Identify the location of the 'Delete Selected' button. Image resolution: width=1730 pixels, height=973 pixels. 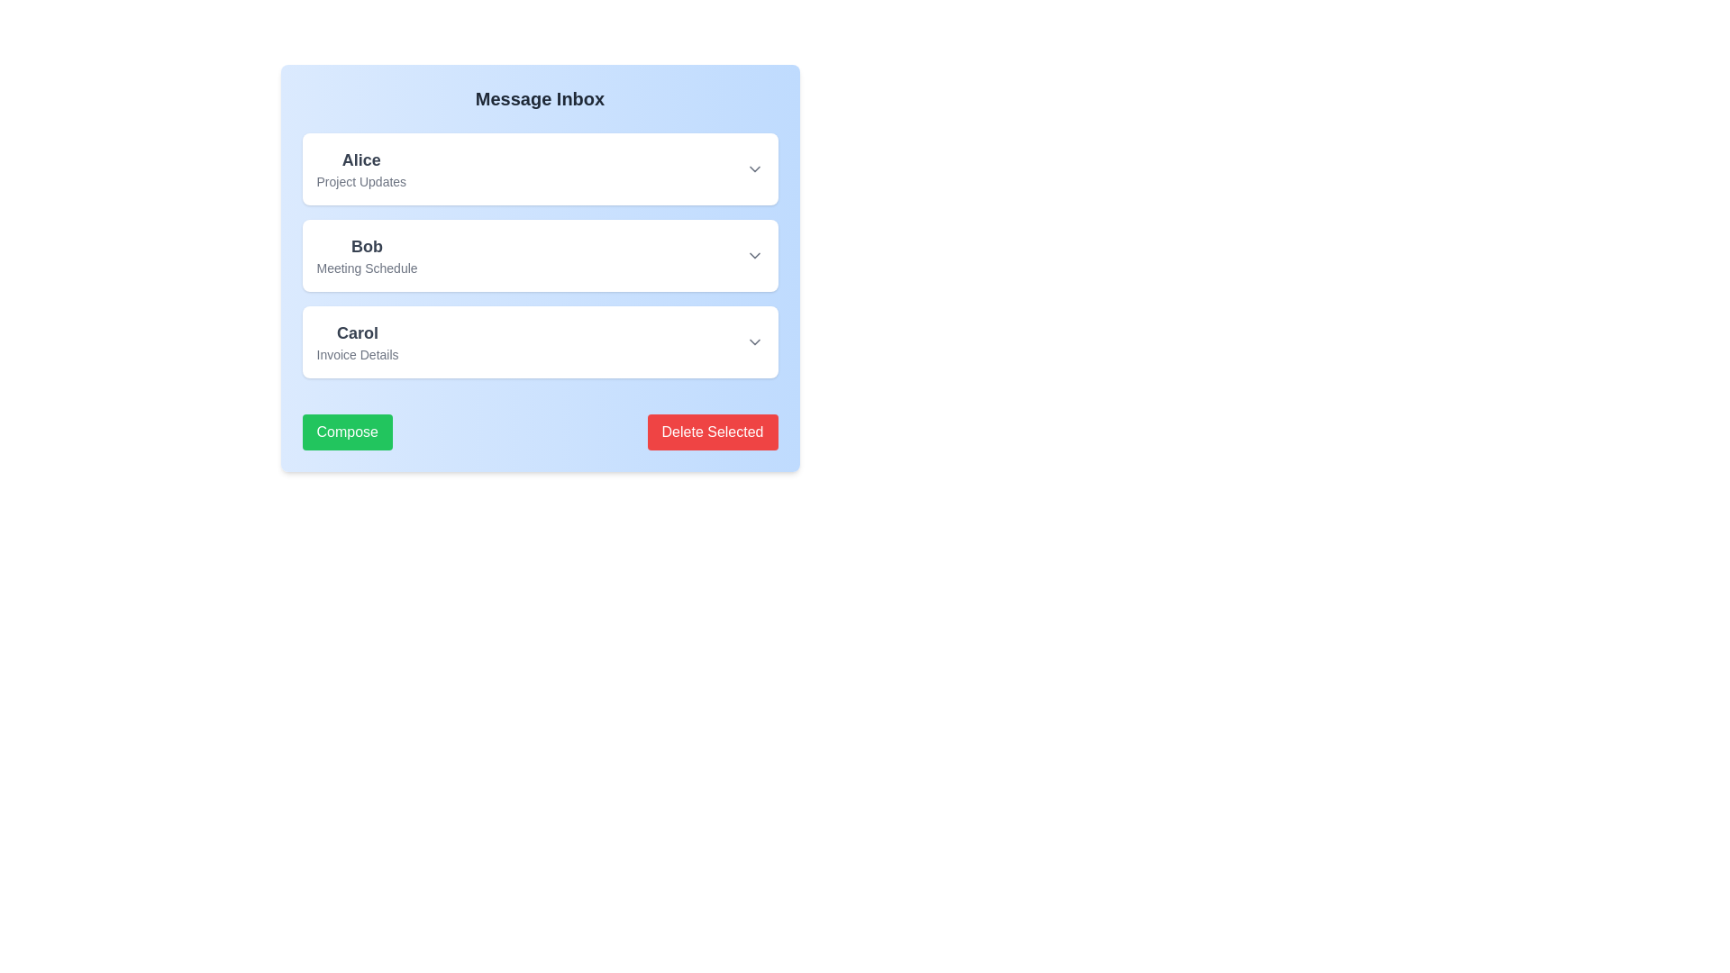
(712, 432).